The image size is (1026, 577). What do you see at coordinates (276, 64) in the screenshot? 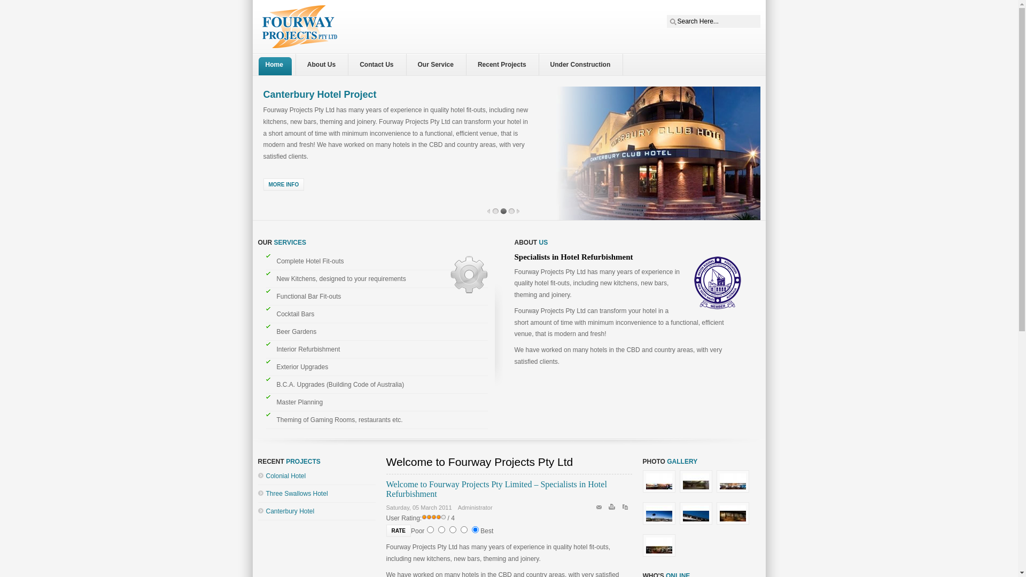
I see `'Home'` at bounding box center [276, 64].